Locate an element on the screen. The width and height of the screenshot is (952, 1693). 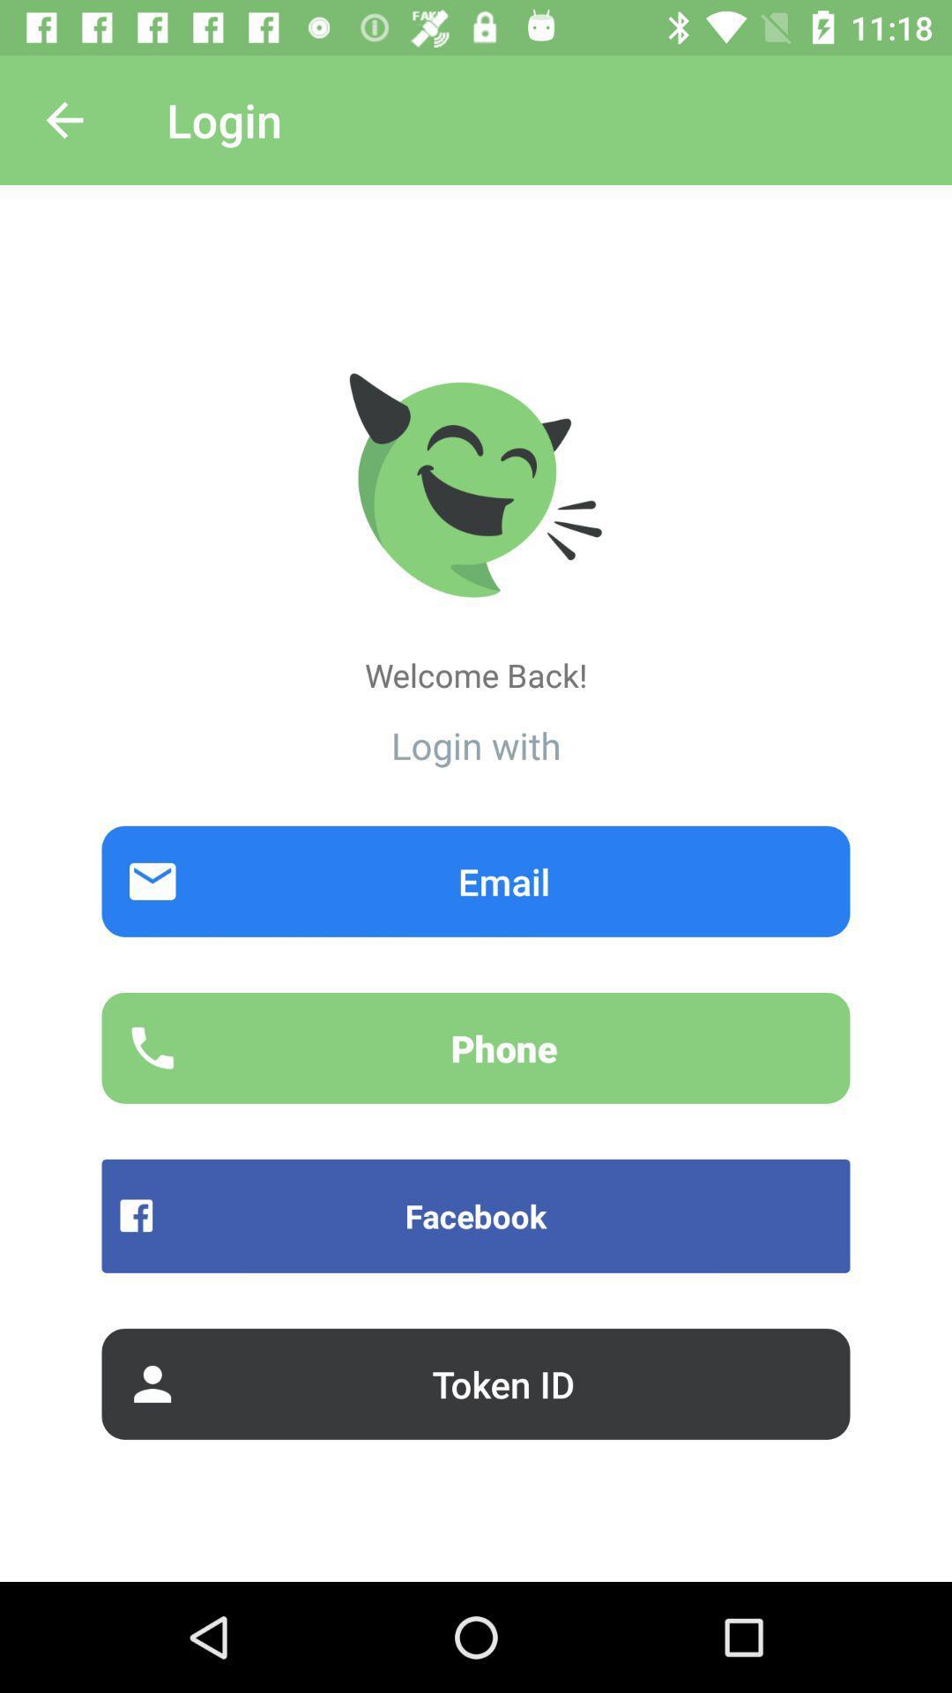
phone icon is located at coordinates (476, 1048).